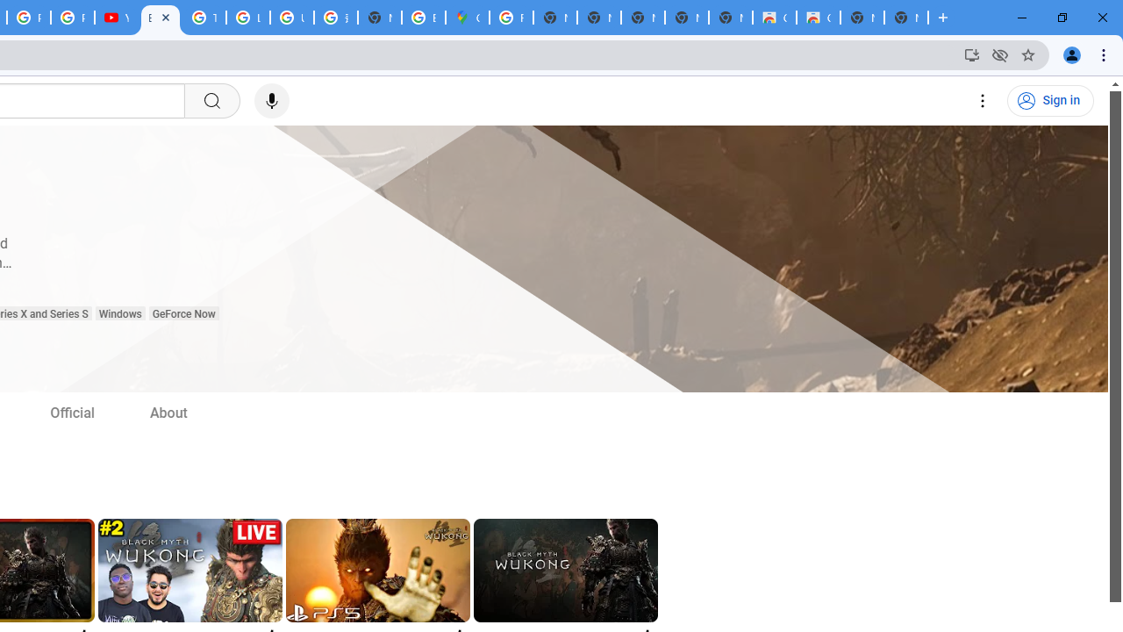  What do you see at coordinates (773, 18) in the screenshot?
I see `'Classic Blue - Chrome Web Store'` at bounding box center [773, 18].